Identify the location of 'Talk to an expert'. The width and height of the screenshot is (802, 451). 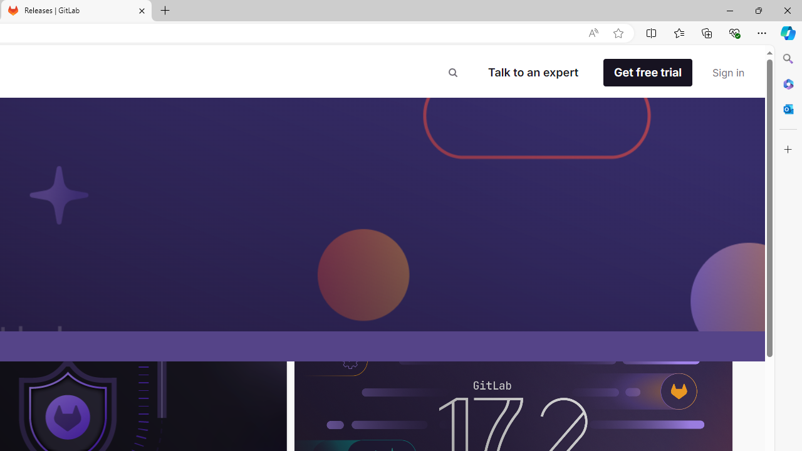
(533, 72).